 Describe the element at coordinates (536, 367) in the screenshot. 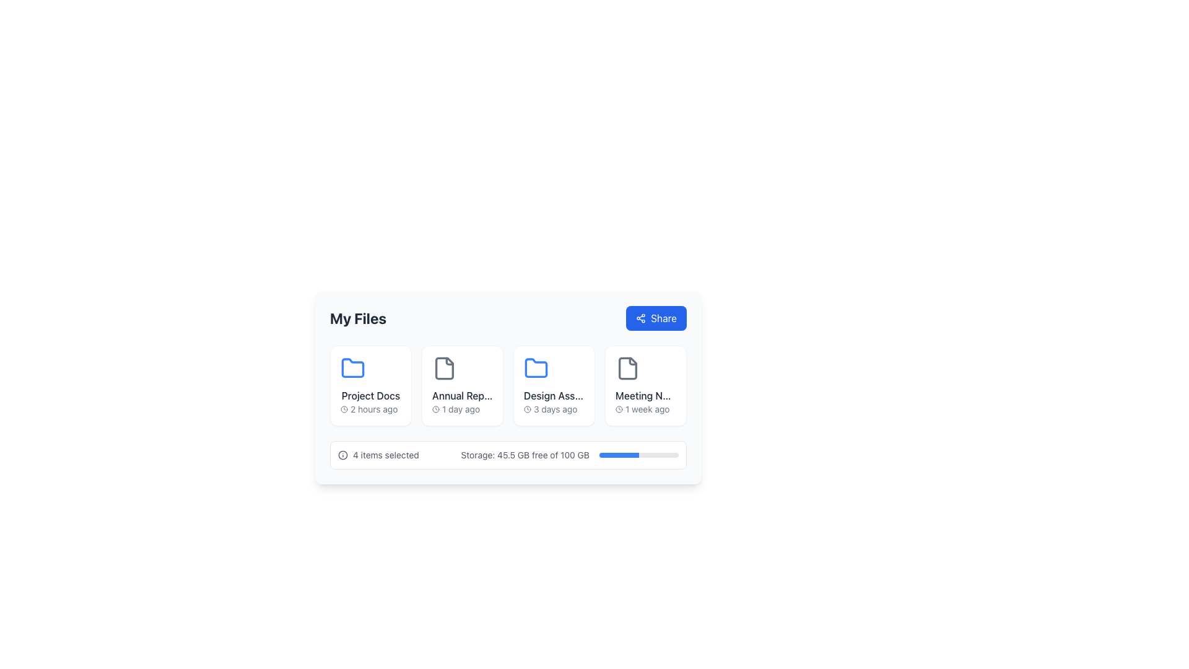

I see `the folder icon, which represents the design assets and is located in the 'My Files' section` at that location.